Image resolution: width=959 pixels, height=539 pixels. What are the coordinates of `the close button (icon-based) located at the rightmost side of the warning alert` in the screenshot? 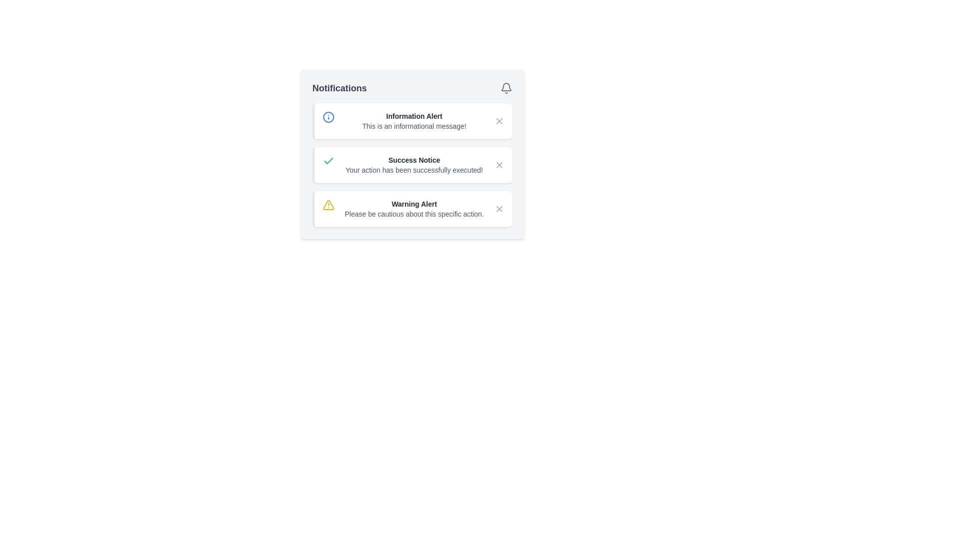 It's located at (499, 209).